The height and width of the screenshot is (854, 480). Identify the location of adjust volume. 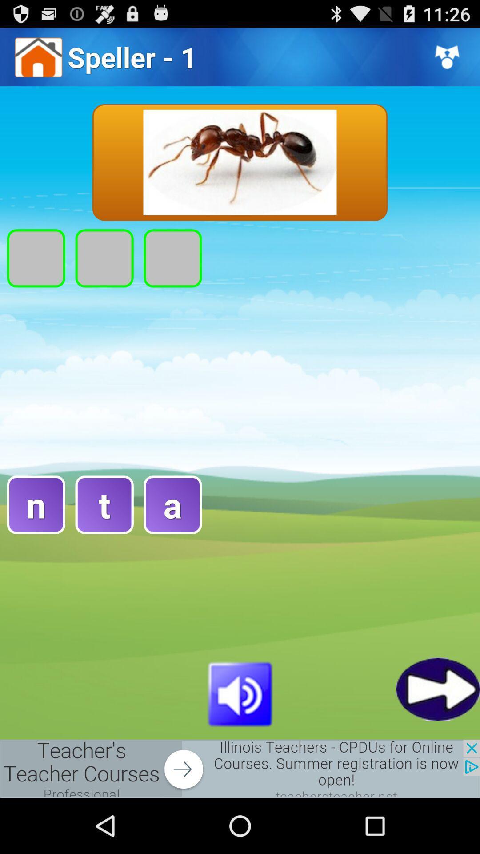
(240, 692).